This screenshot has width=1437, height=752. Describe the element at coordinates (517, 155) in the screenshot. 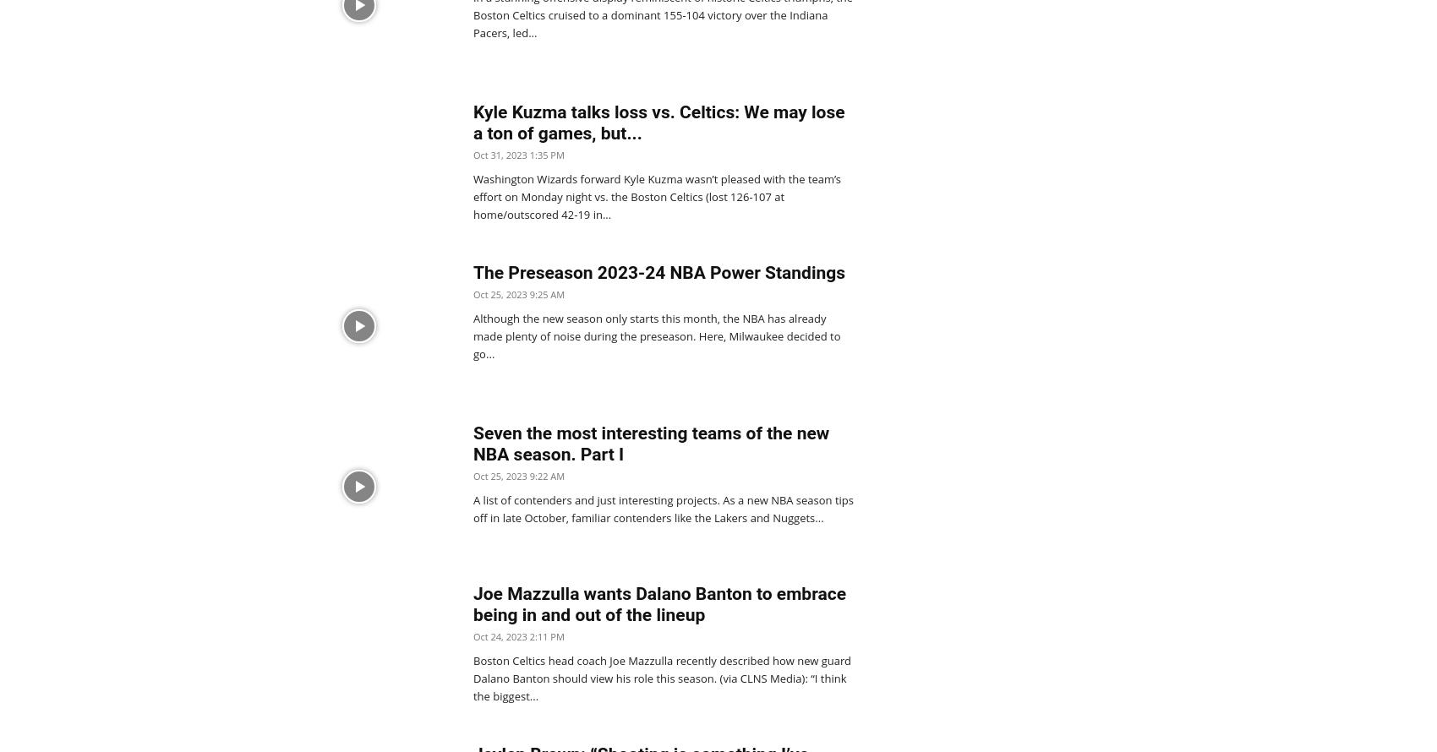

I see `'Oct 31, 2023 1:35 PM'` at that location.